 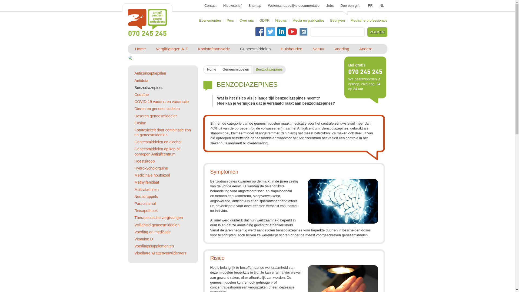 What do you see at coordinates (162, 132) in the screenshot?
I see `'Fototoxiciteit door combinatie zon en geneesmiddelen'` at bounding box center [162, 132].